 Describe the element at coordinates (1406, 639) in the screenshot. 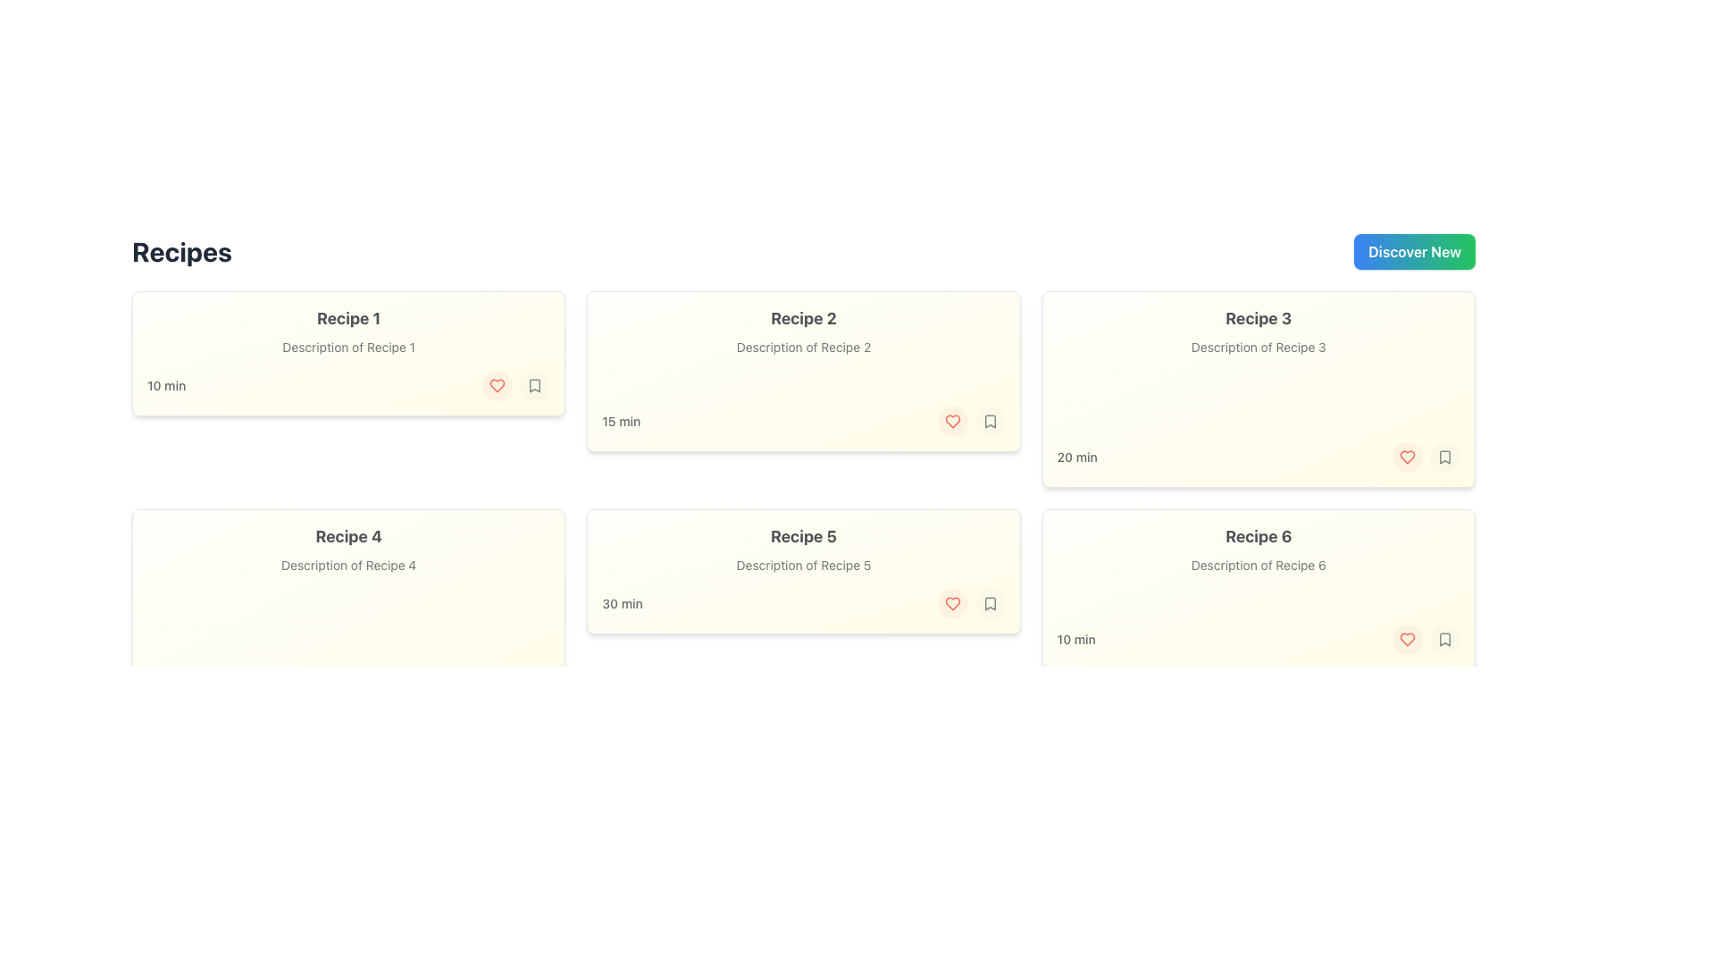

I see `the heart-shaped icon button located in the bottom-right corner of the 'Recipe 6' card` at that location.